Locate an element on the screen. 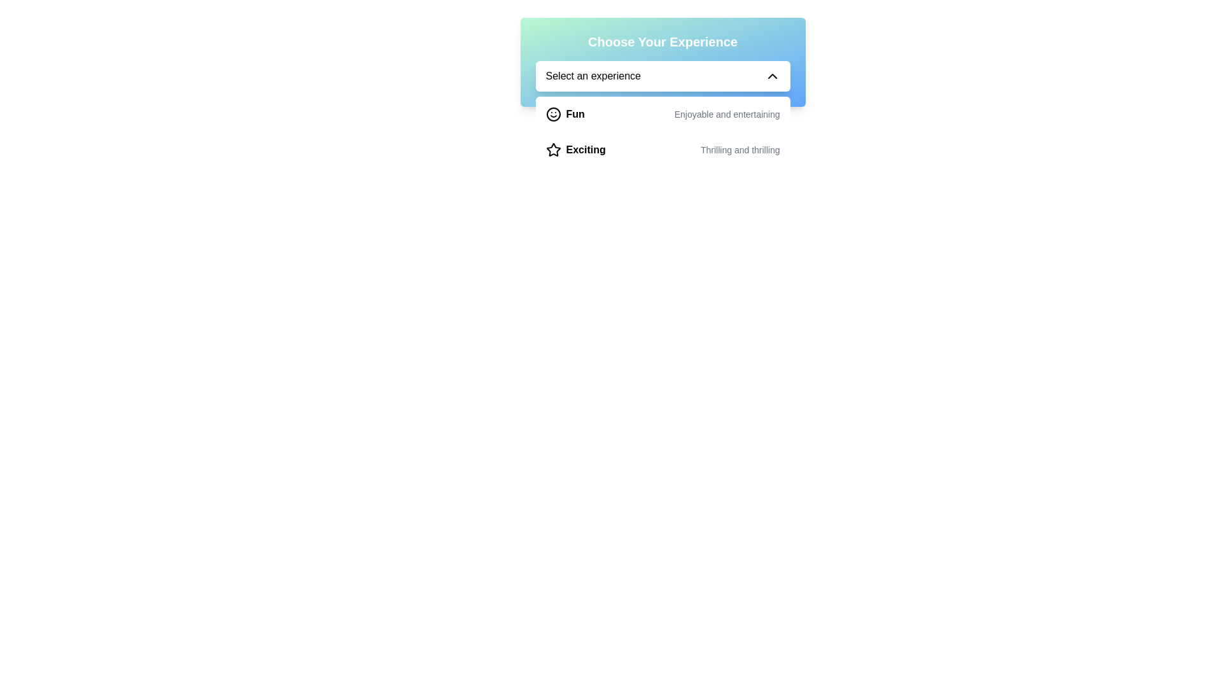  the 'Fun' experience category option in the dropdown menu to trigger a visual highlight is located at coordinates (662, 114).